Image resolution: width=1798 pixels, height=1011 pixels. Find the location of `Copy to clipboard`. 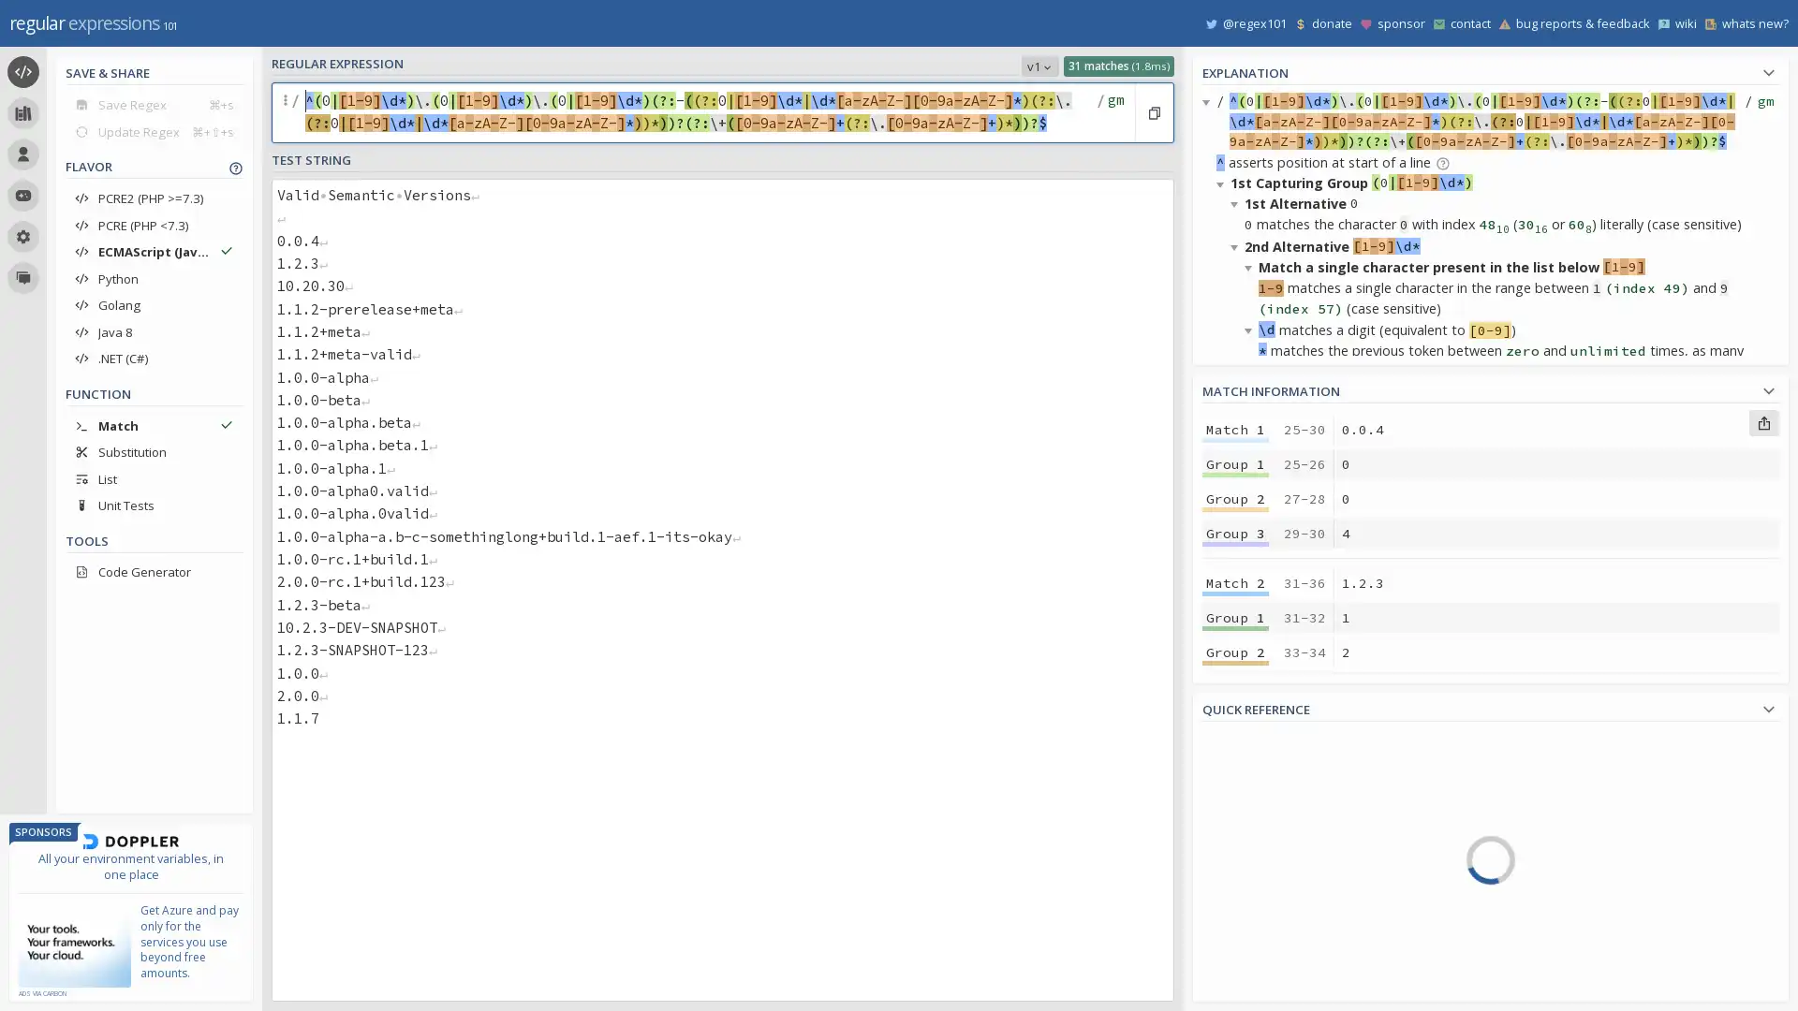

Copy to clipboard is located at coordinates (1153, 112).